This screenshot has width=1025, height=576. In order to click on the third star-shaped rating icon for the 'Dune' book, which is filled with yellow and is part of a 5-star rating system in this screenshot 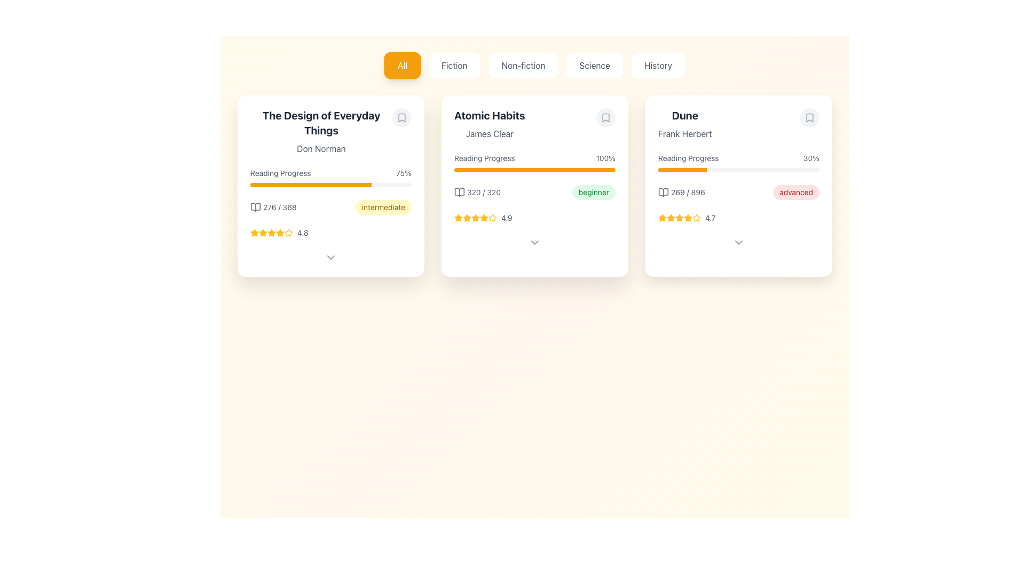, I will do `click(688, 217)`.